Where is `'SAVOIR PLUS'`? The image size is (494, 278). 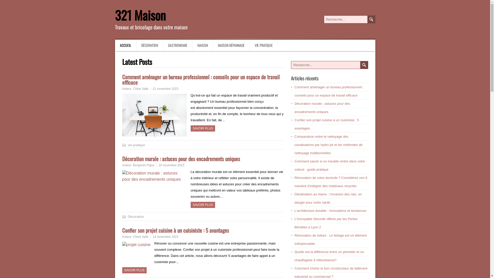
'SAVOIR PLUS' is located at coordinates (202, 128).